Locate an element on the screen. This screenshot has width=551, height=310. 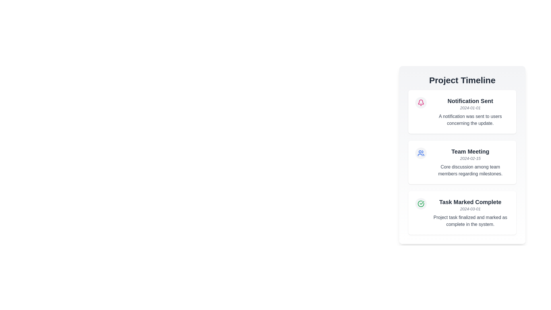
the completion icon located within the 'Task Marked Complete' card, positioned in the top-left corner near the associated text and date is located at coordinates (421, 203).